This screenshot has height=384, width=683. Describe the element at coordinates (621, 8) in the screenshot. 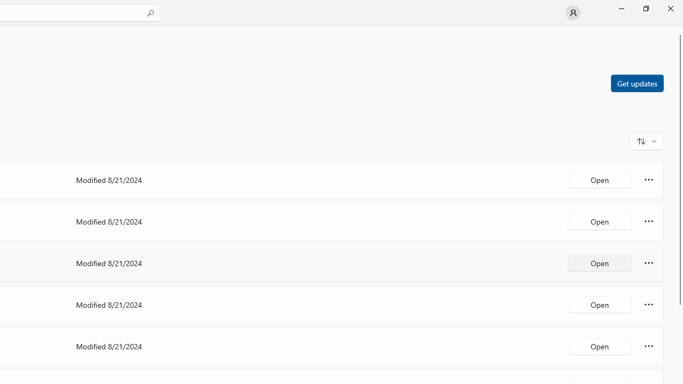

I see `'Minimize Microsoft Store'` at that location.